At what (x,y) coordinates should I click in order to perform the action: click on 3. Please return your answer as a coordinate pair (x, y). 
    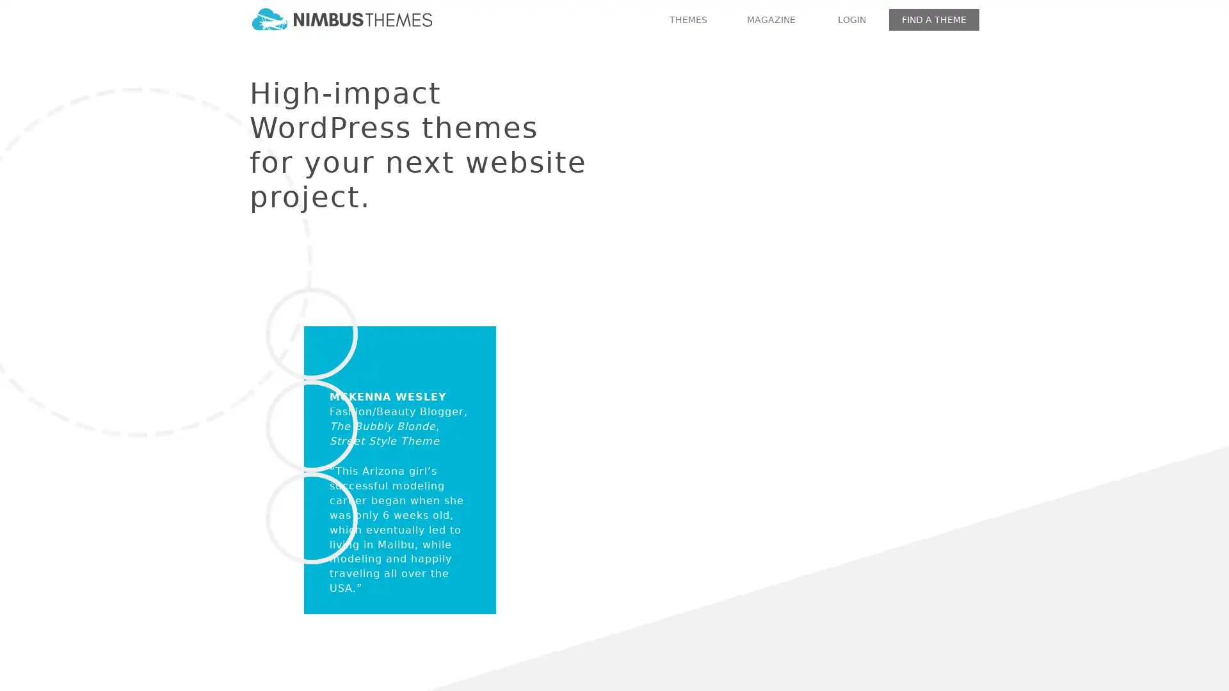
    Looking at the image, I should click on (771, 443).